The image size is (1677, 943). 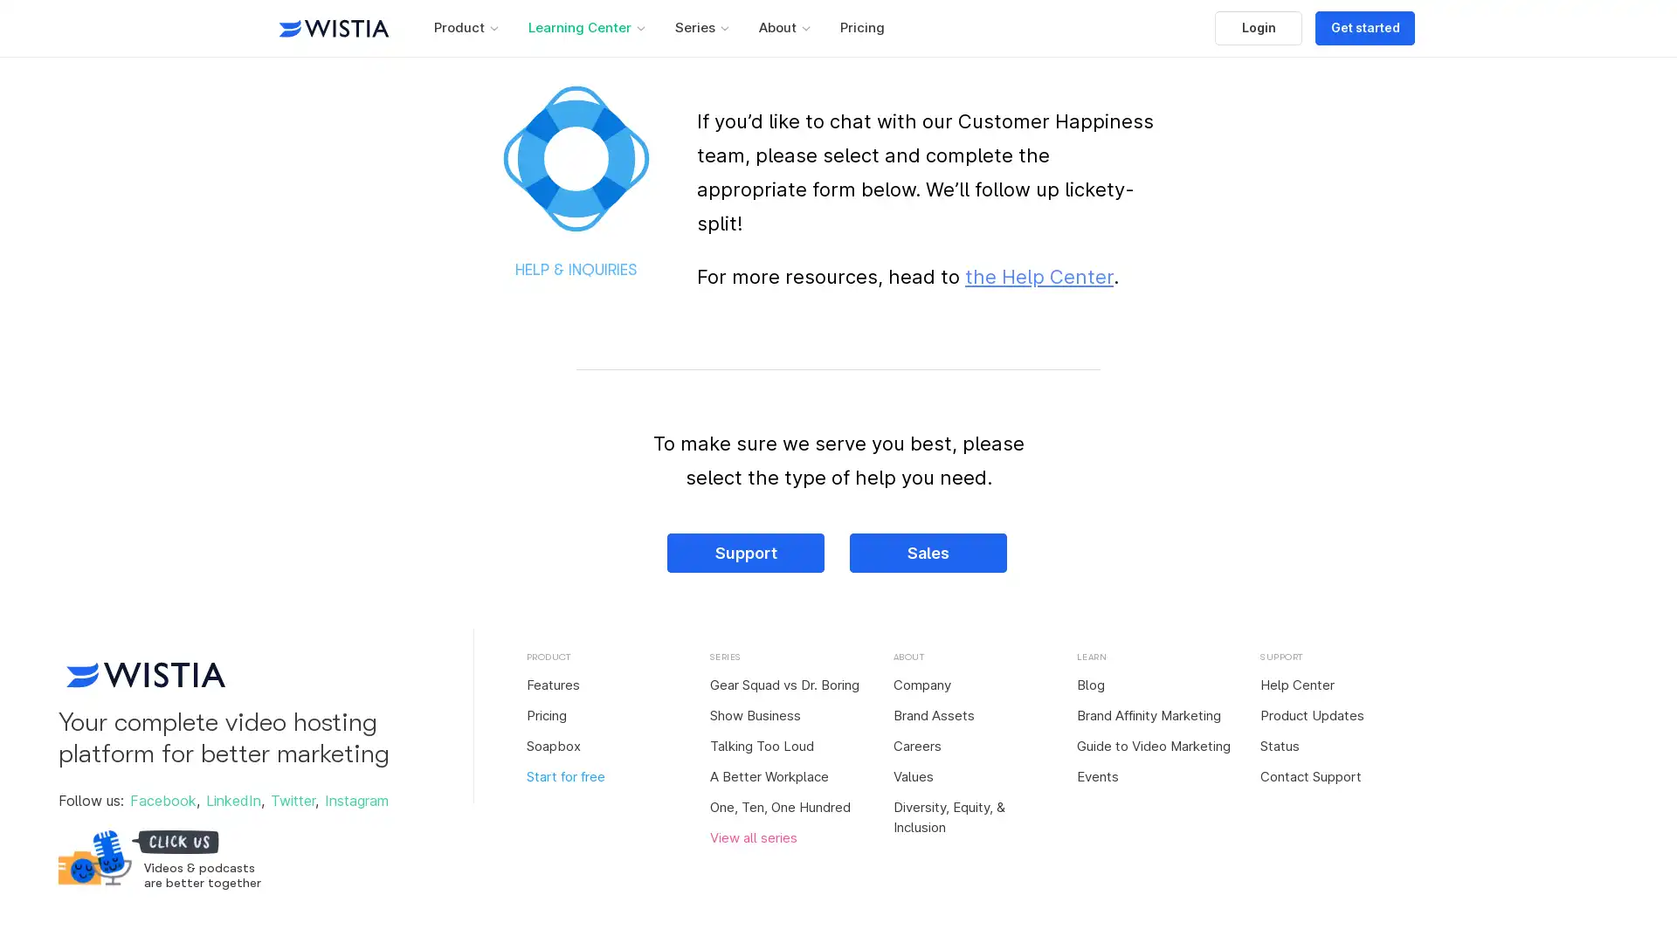 I want to click on About, so click(x=783, y=28).